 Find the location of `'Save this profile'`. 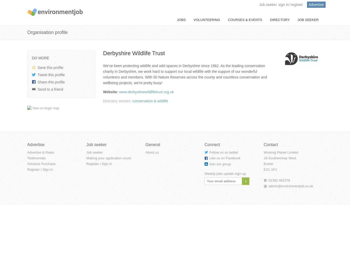

'Save this profile' is located at coordinates (50, 68).